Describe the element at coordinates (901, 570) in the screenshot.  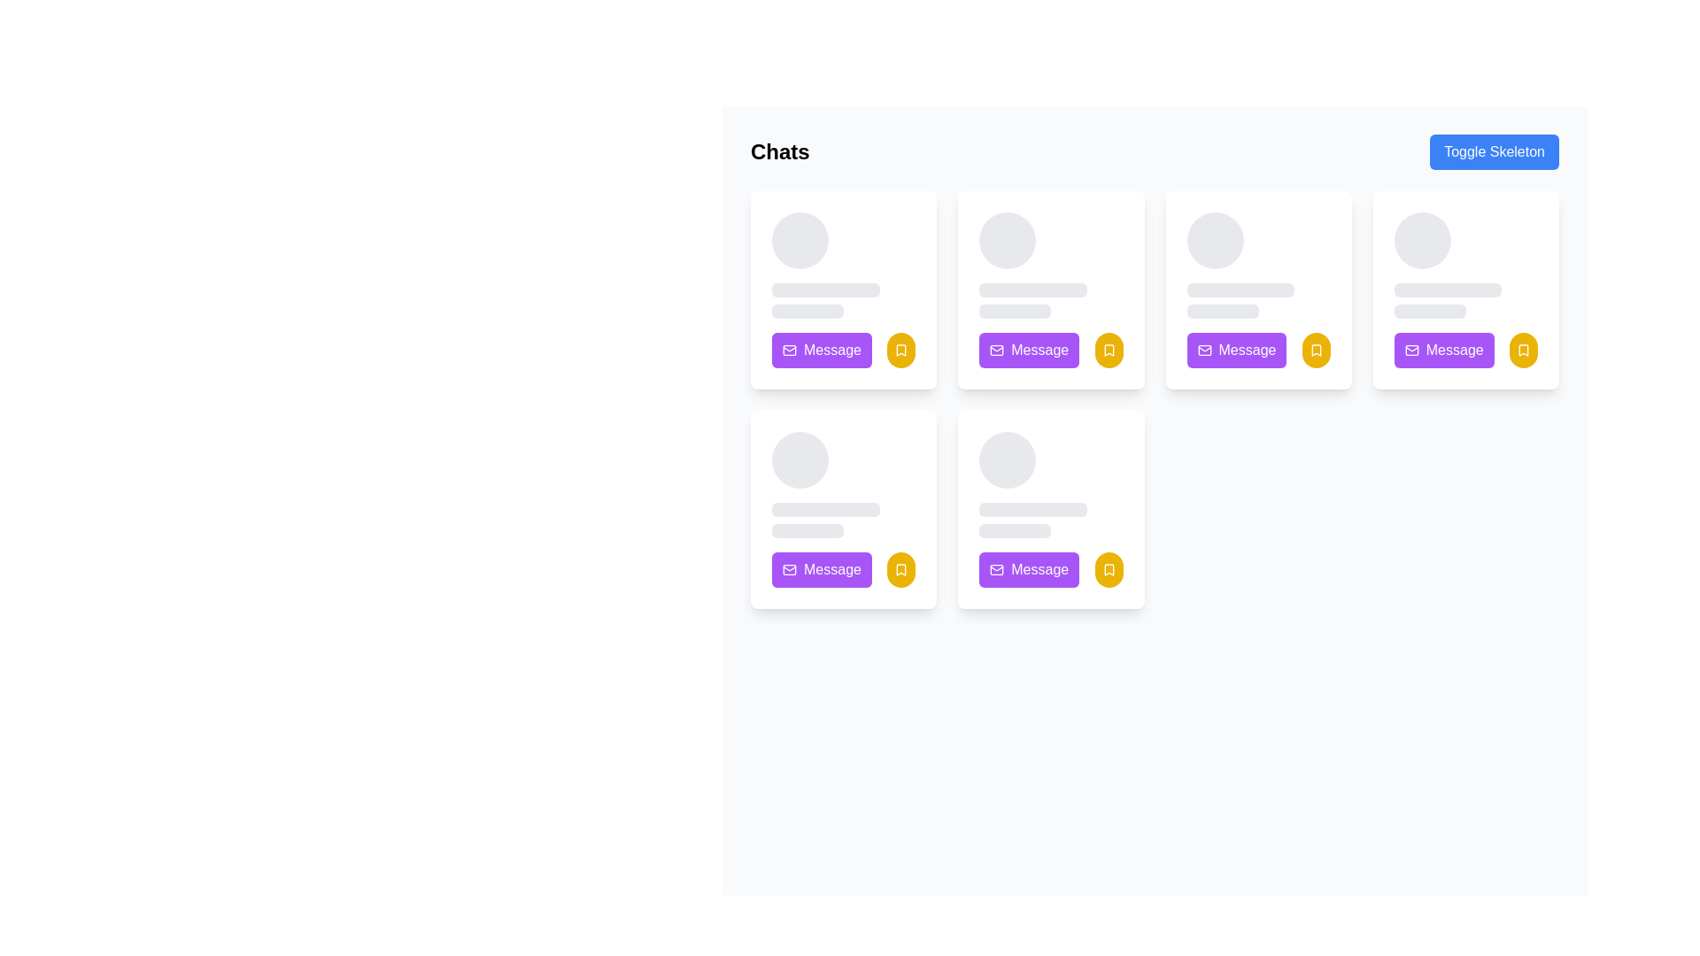
I see `the bookmarking button located at the bottom-right corner of the user card layout to visualize the hover effect` at that location.